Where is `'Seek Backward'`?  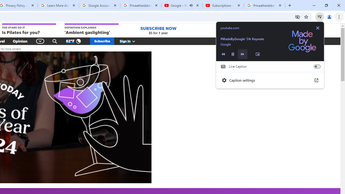
'Seek Backward' is located at coordinates (223, 54).